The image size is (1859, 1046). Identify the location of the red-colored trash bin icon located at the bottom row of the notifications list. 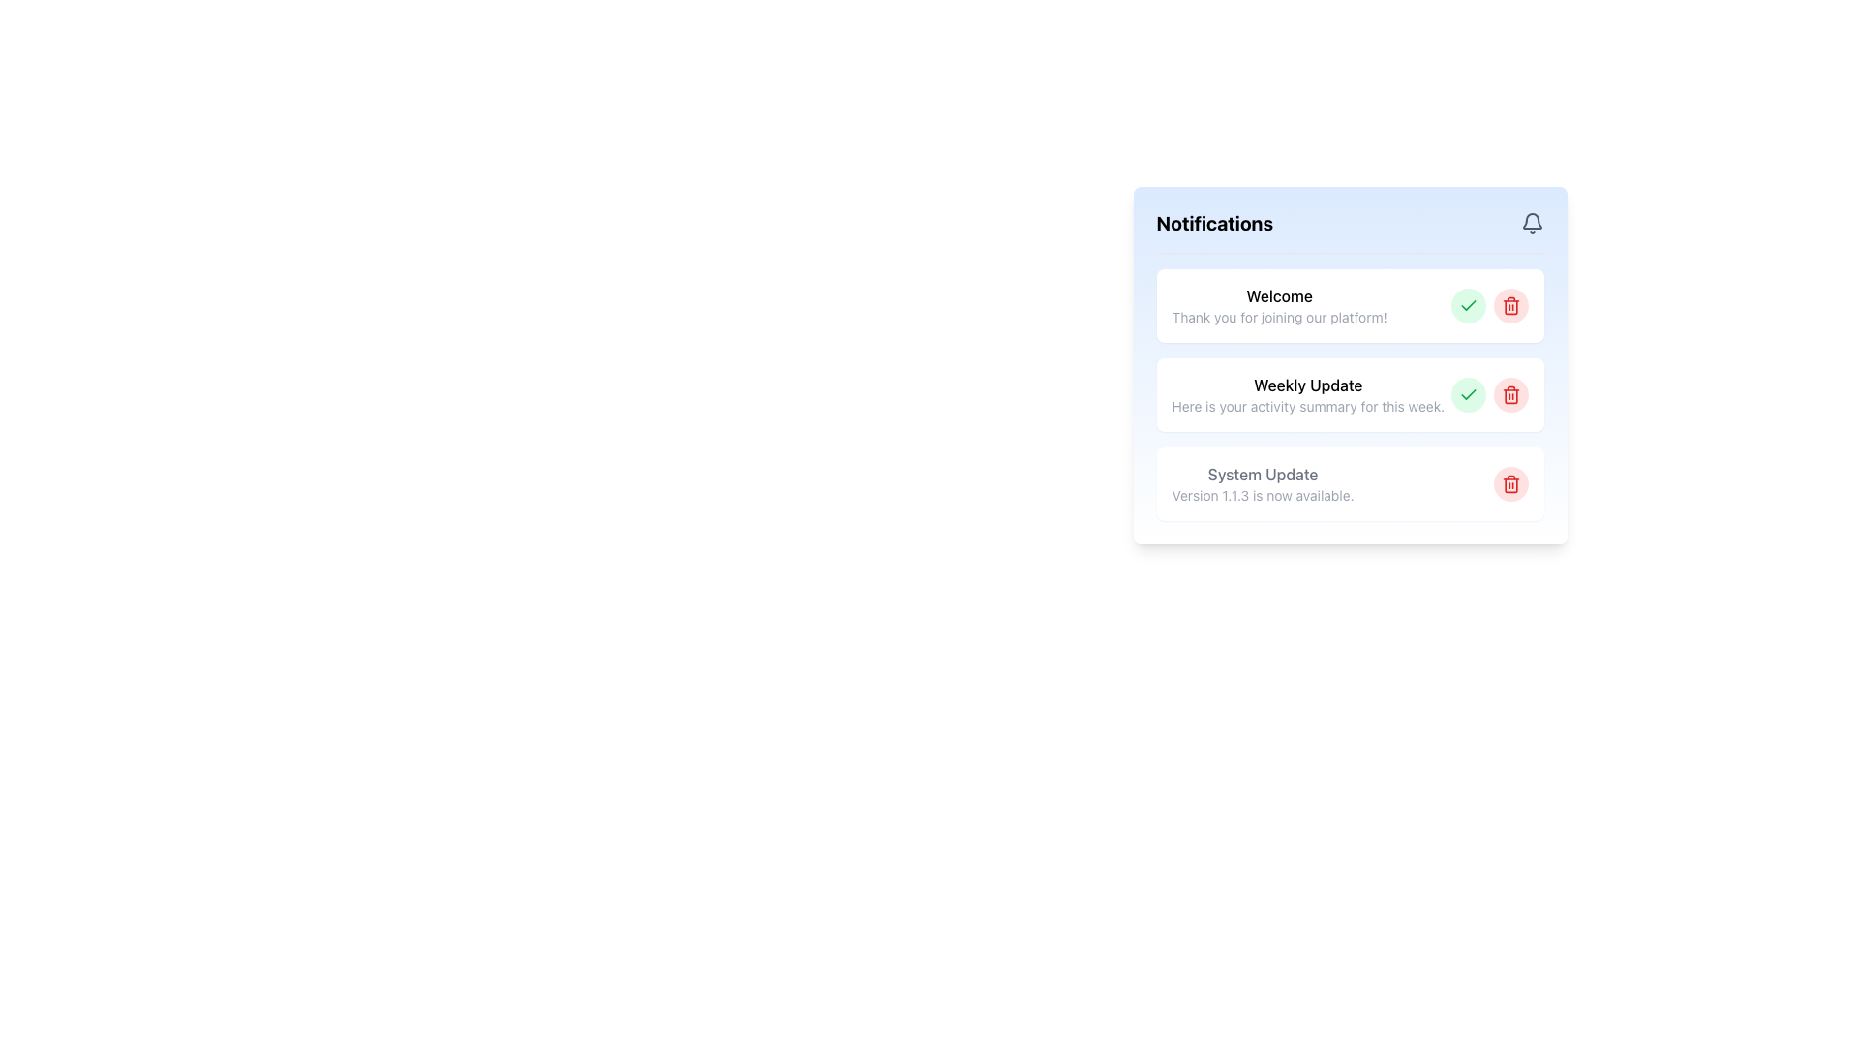
(1509, 484).